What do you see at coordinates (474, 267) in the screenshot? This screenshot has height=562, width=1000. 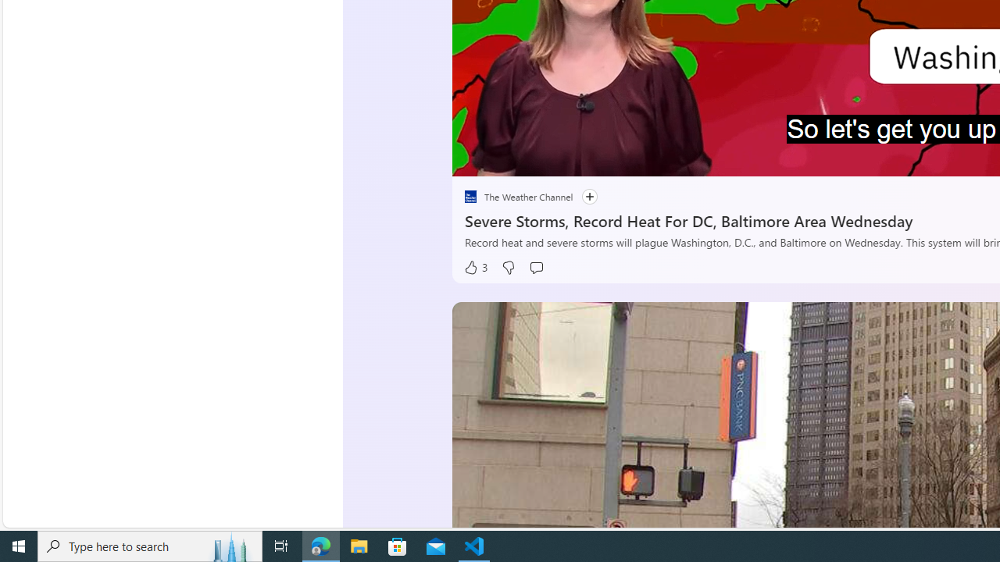 I see `'3 Like'` at bounding box center [474, 267].